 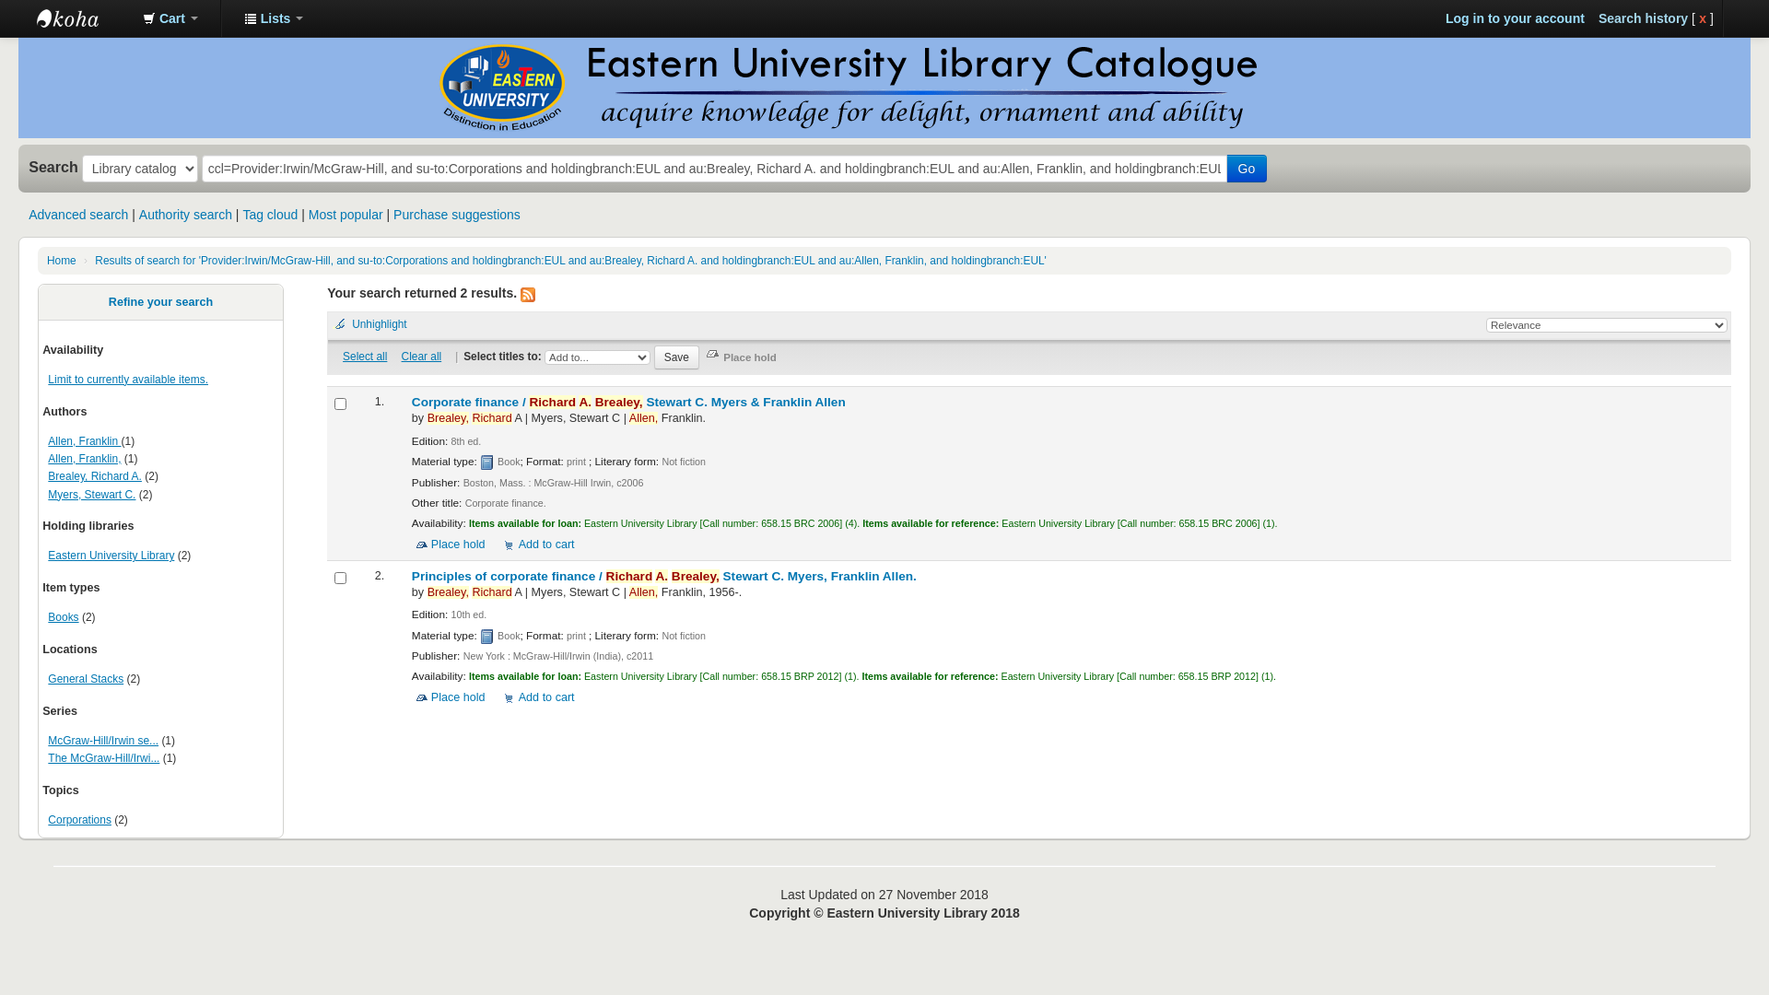 What do you see at coordinates (1702, 18) in the screenshot?
I see `'x'` at bounding box center [1702, 18].